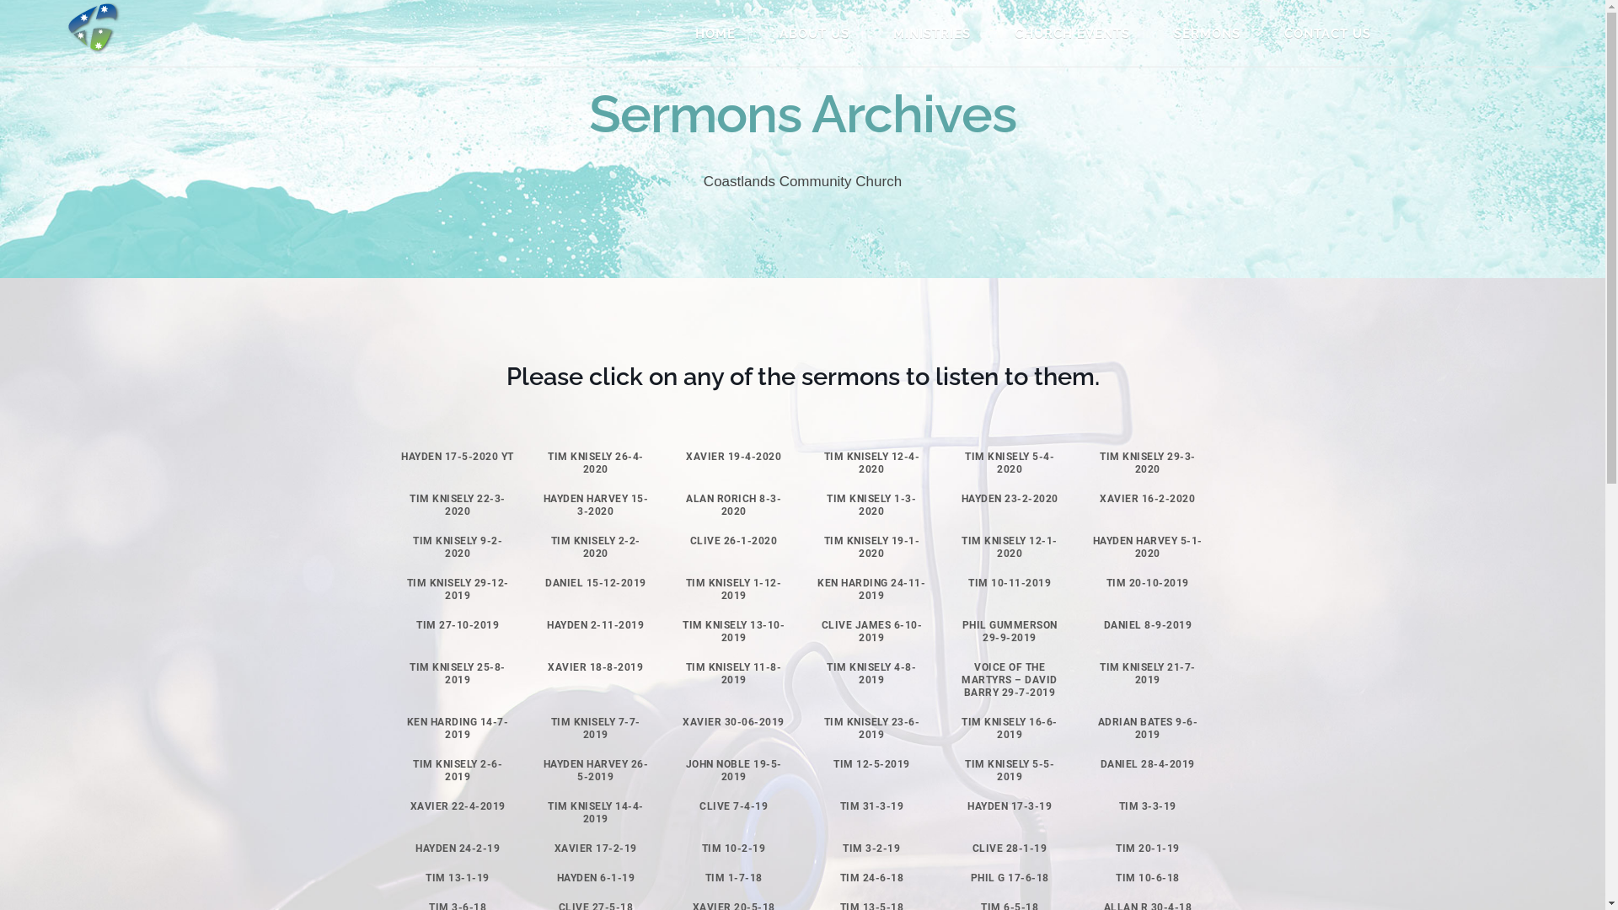  Describe the element at coordinates (457, 504) in the screenshot. I see `'TIM KNISELY 22-3-2020'` at that location.